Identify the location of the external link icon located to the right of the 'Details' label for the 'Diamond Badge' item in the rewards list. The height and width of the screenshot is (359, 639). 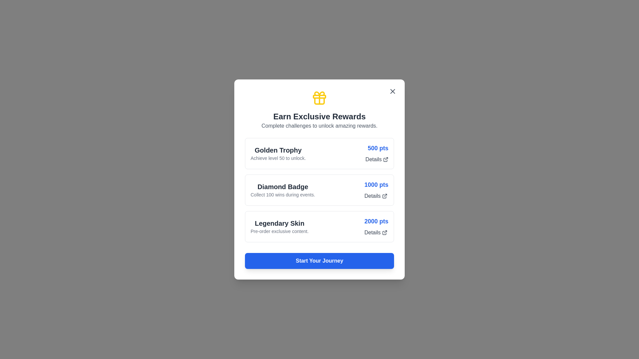
(384, 196).